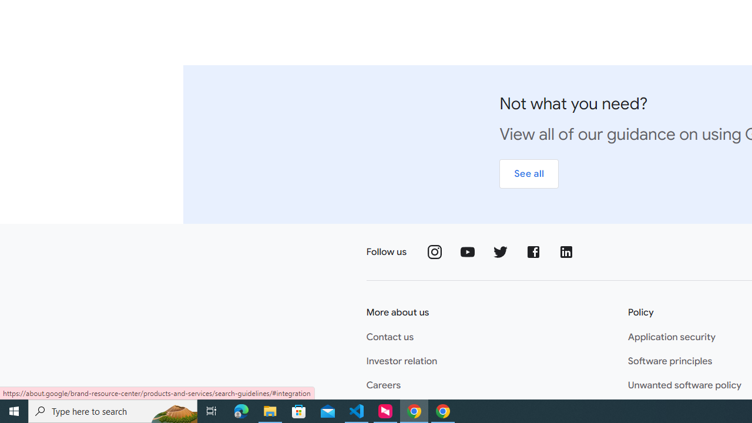 The image size is (752, 423). Describe the element at coordinates (390, 337) in the screenshot. I see `'Contact us'` at that location.